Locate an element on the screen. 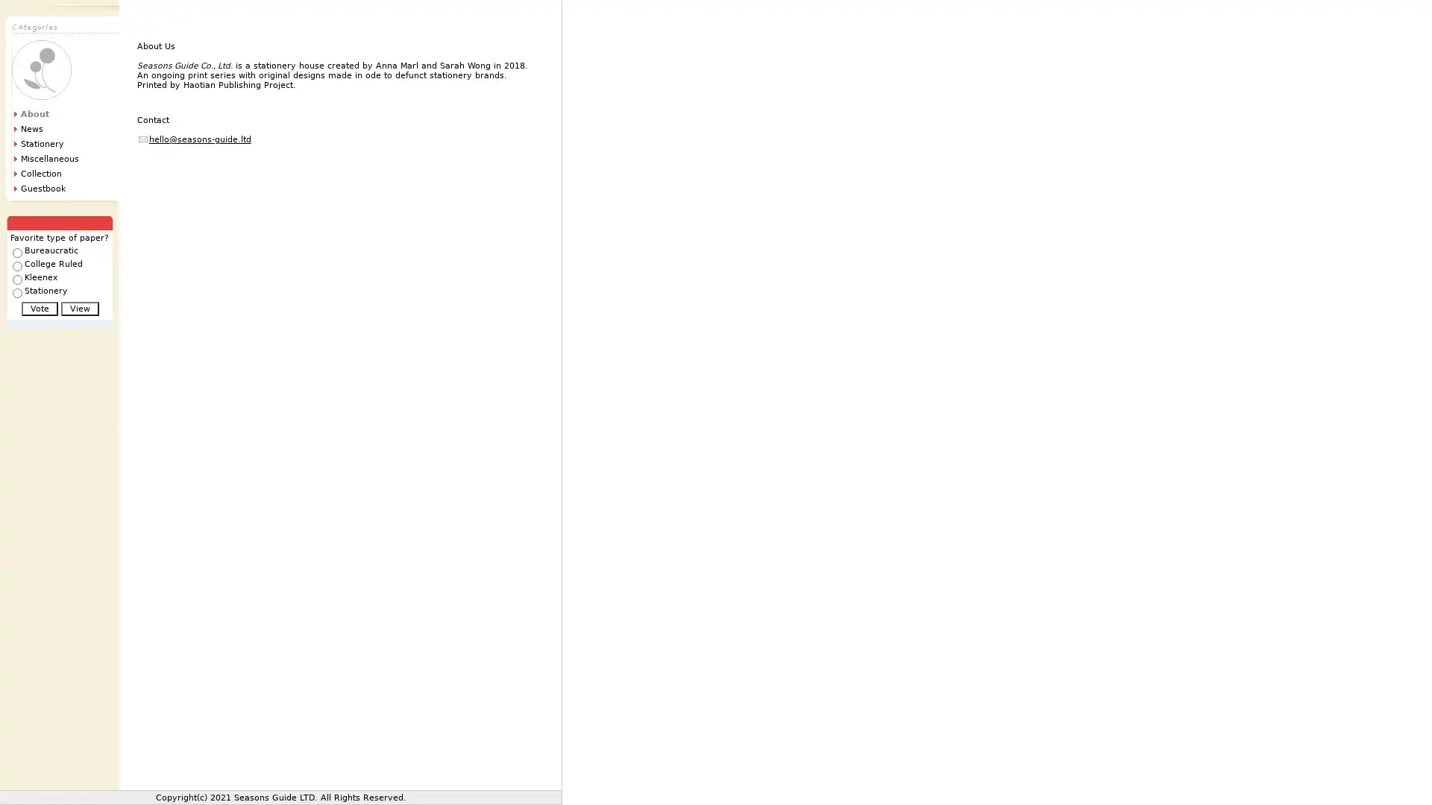 The width and height of the screenshot is (1432, 805). Vote is located at coordinates (39, 308).